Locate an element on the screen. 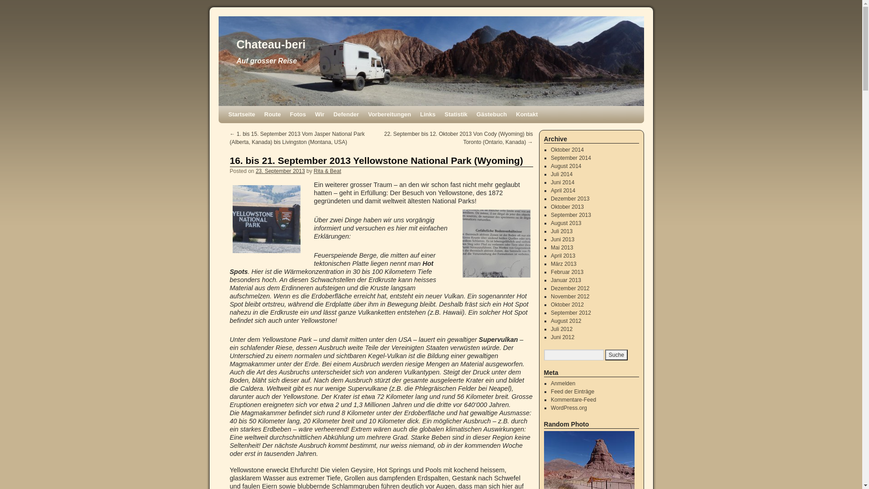  'Fotos' is located at coordinates (298, 114).